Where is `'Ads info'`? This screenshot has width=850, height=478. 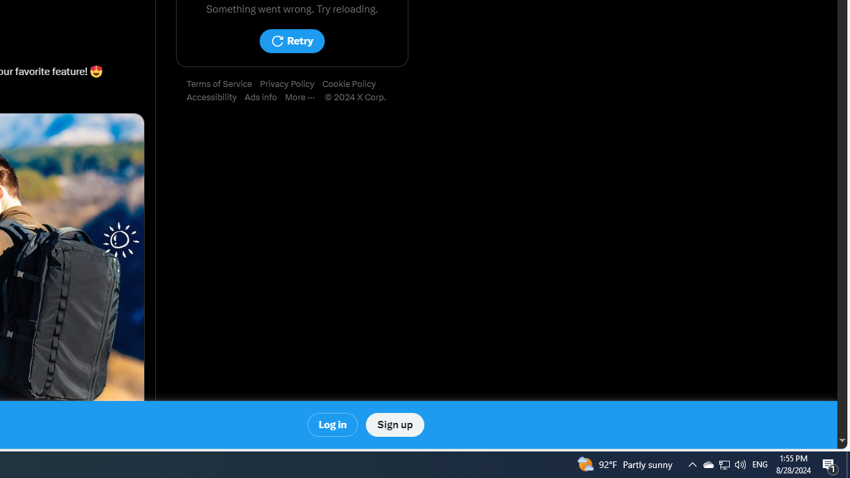 'Ads info' is located at coordinates (265, 97).